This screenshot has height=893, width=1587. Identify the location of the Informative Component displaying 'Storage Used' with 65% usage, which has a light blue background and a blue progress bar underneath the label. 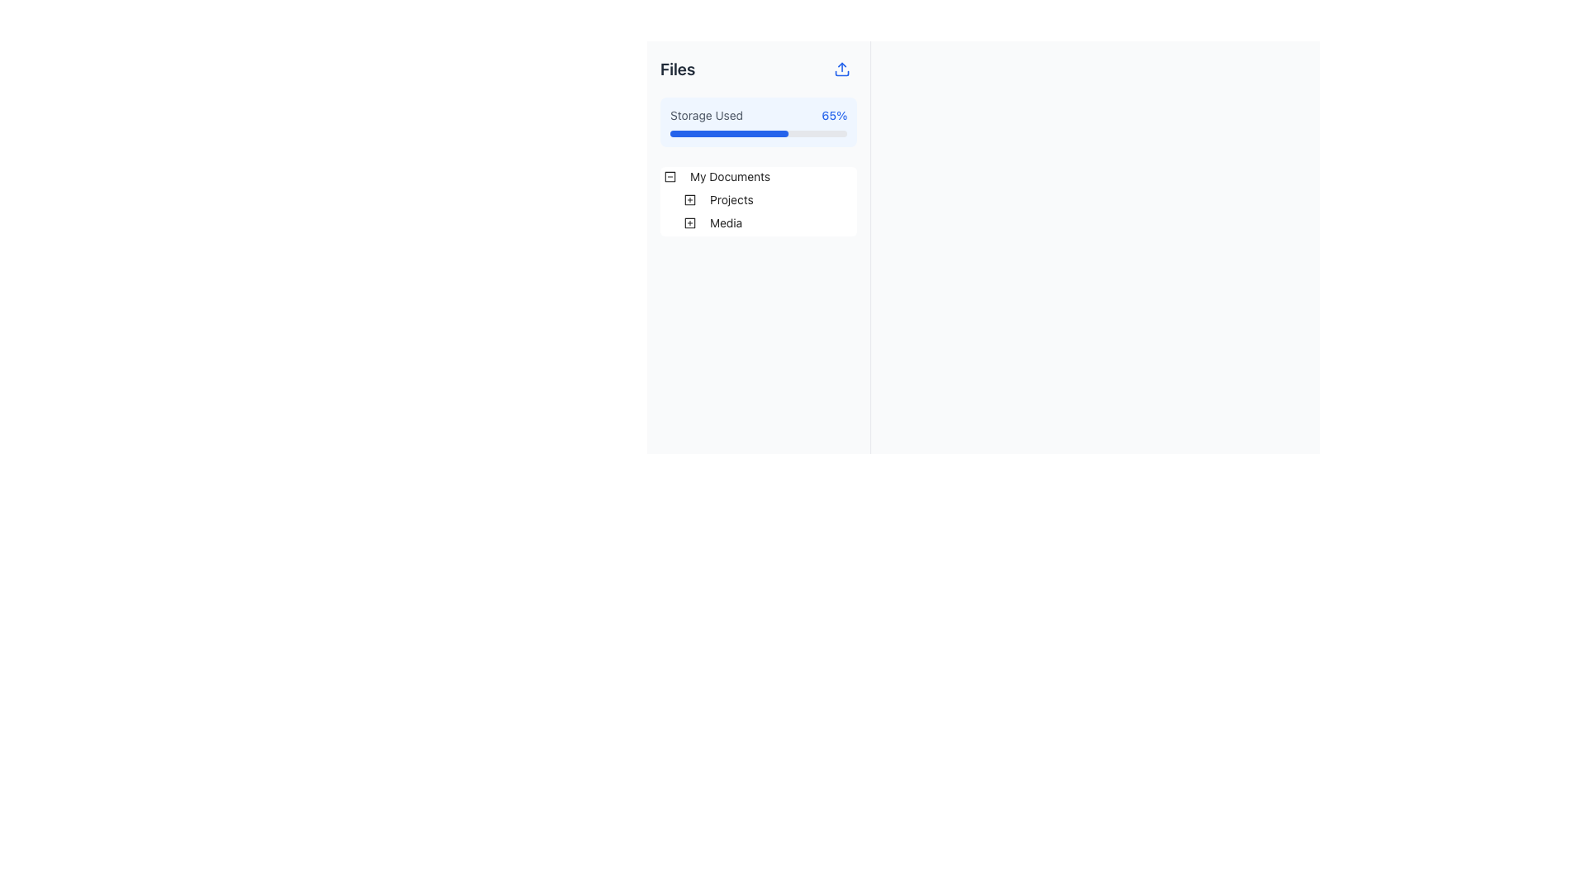
(758, 121).